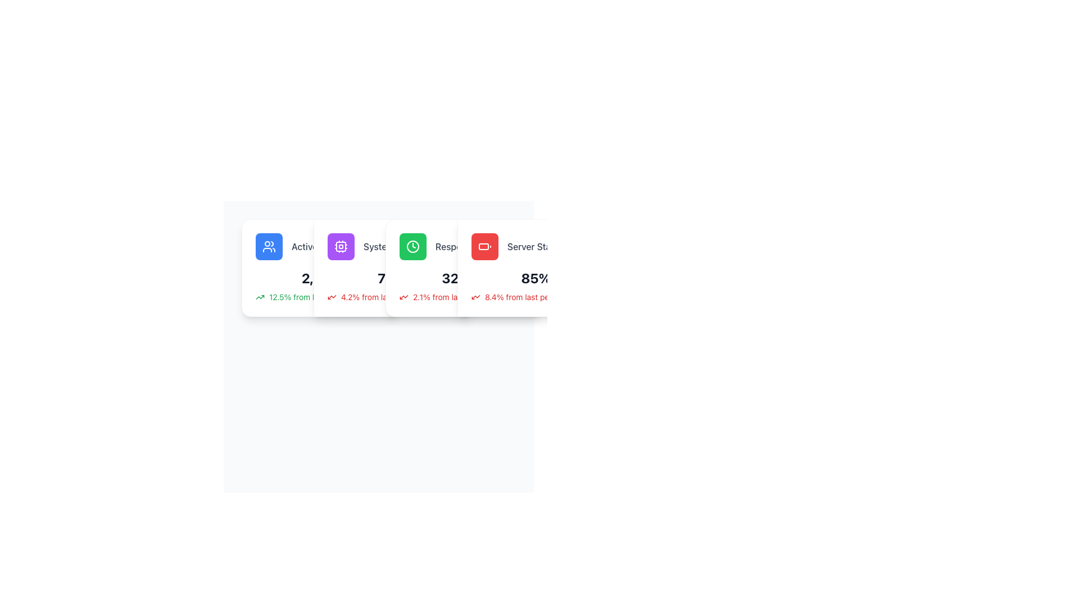 This screenshot has height=607, width=1079. Describe the element at coordinates (464, 296) in the screenshot. I see `the Text display widget showing '2.1% from last period', which is styled in red and has an upward trending arrow icon to the left` at that location.